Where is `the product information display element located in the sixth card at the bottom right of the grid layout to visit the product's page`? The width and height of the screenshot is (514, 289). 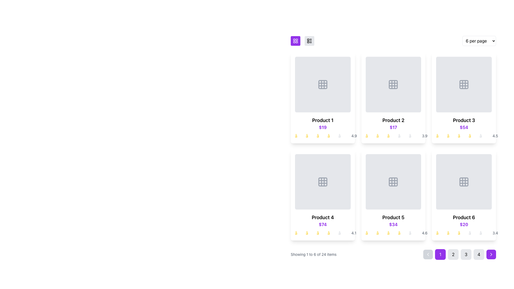
the product information display element located in the sixth card at the bottom right of the grid layout to visit the product's page is located at coordinates (464, 225).